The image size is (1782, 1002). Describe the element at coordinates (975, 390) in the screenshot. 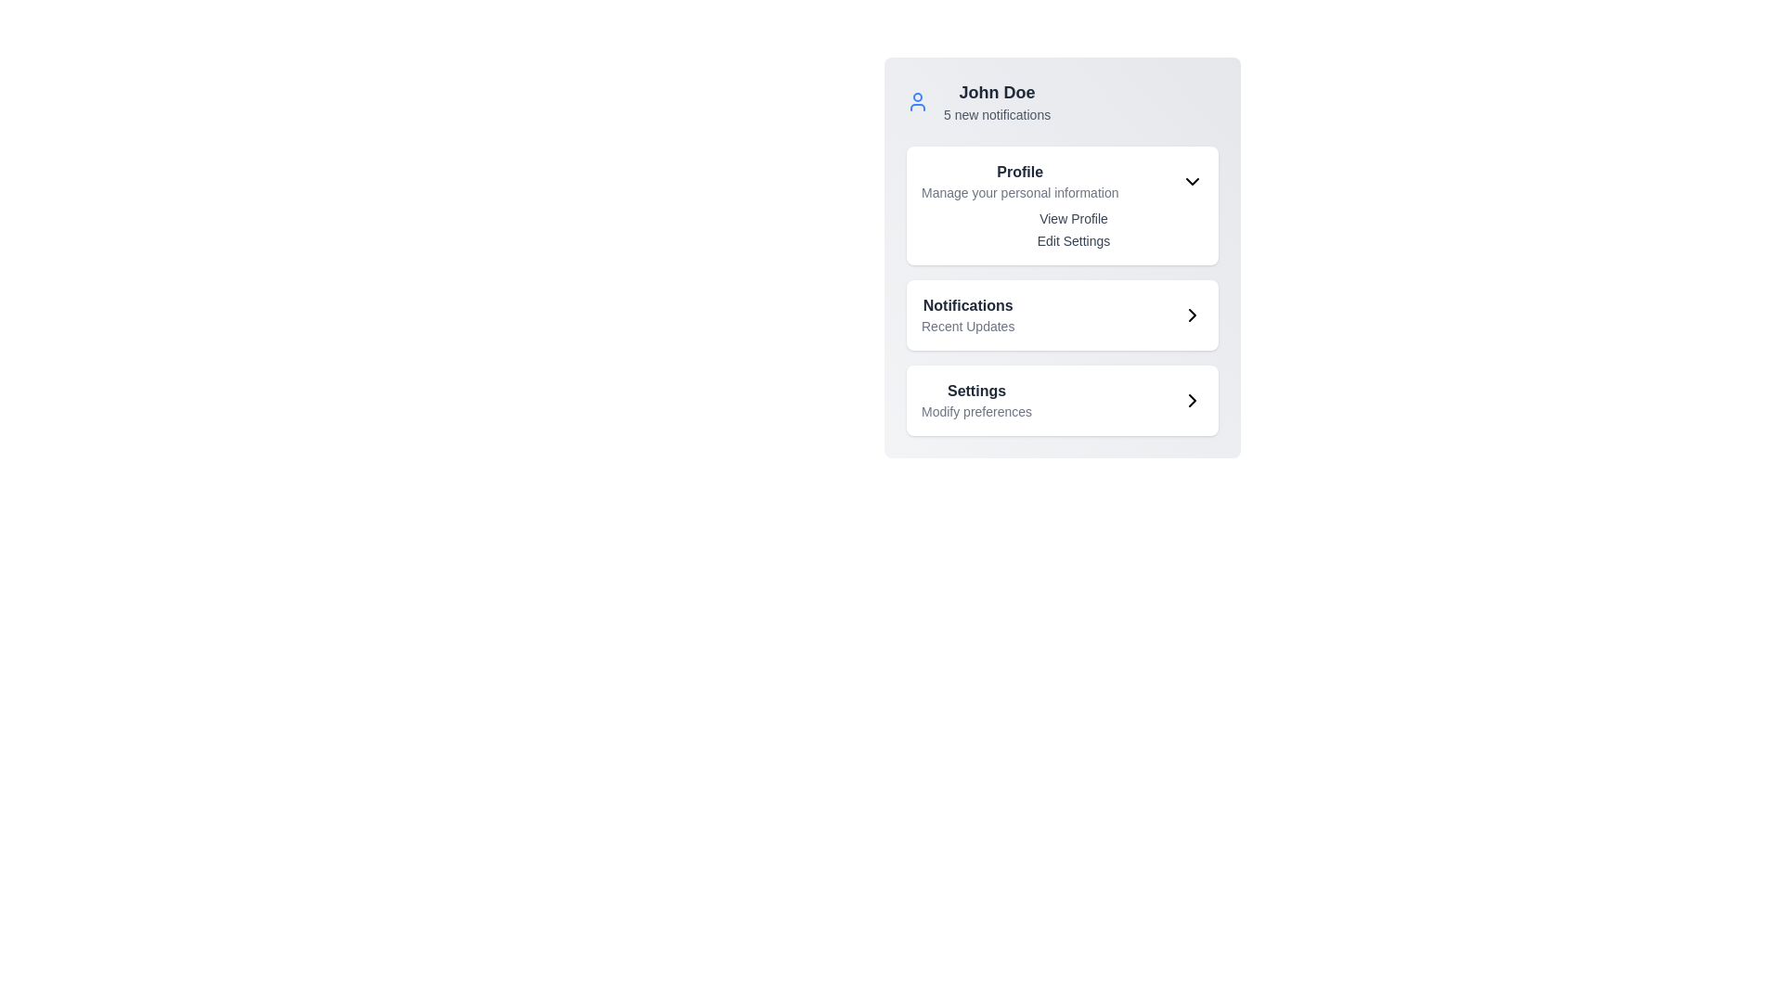

I see `the 'Settings' text label which denotes the corresponding section or options related to settings, positioned above 'Modify preferences' in the lower right section of the layout` at that location.